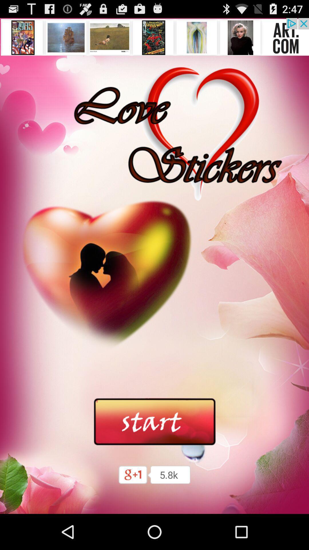  Describe the element at coordinates (154, 422) in the screenshot. I see `start application` at that location.